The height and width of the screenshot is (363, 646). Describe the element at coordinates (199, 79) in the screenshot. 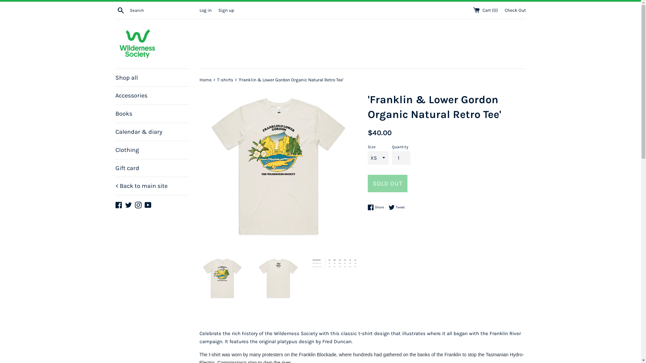

I see `'Home'` at that location.